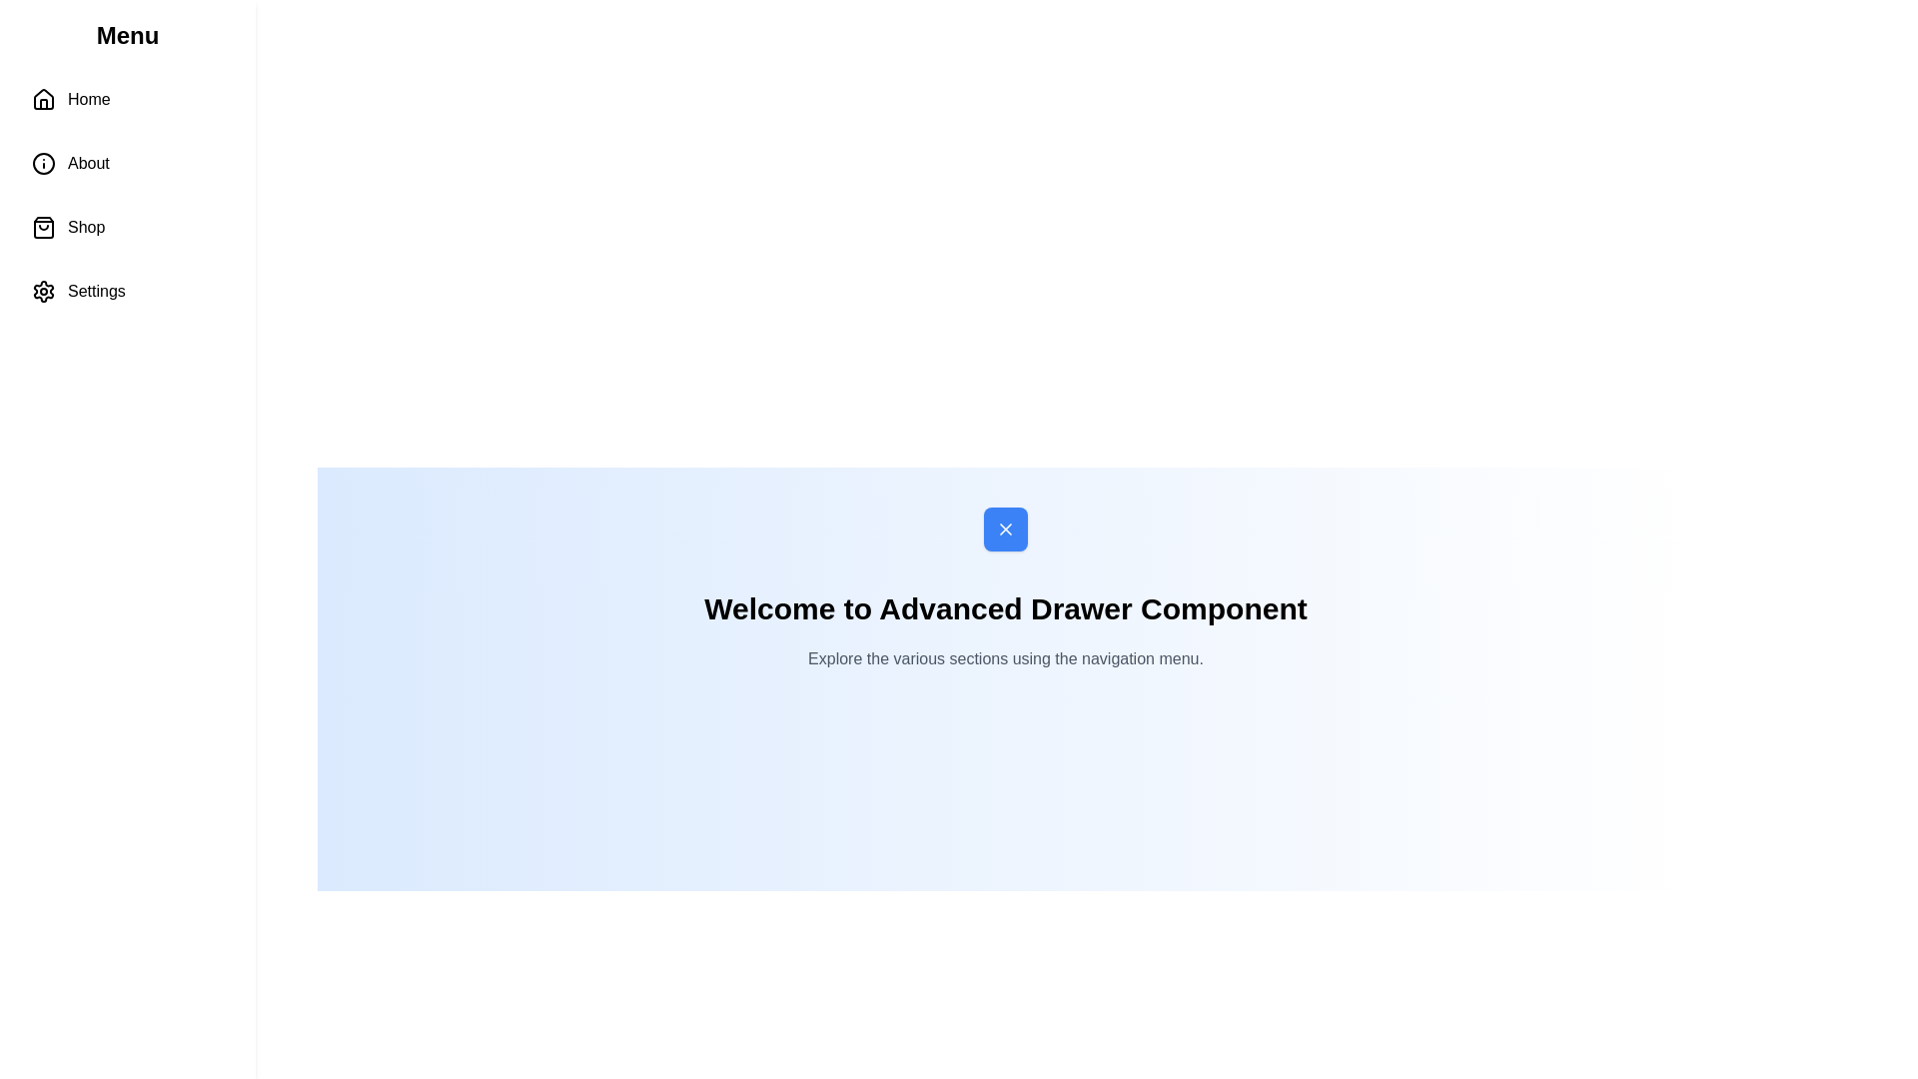  What do you see at coordinates (88, 100) in the screenshot?
I see `the 'Home' text label in the vertical navigation menu, which is the first item next to the house icon` at bounding box center [88, 100].